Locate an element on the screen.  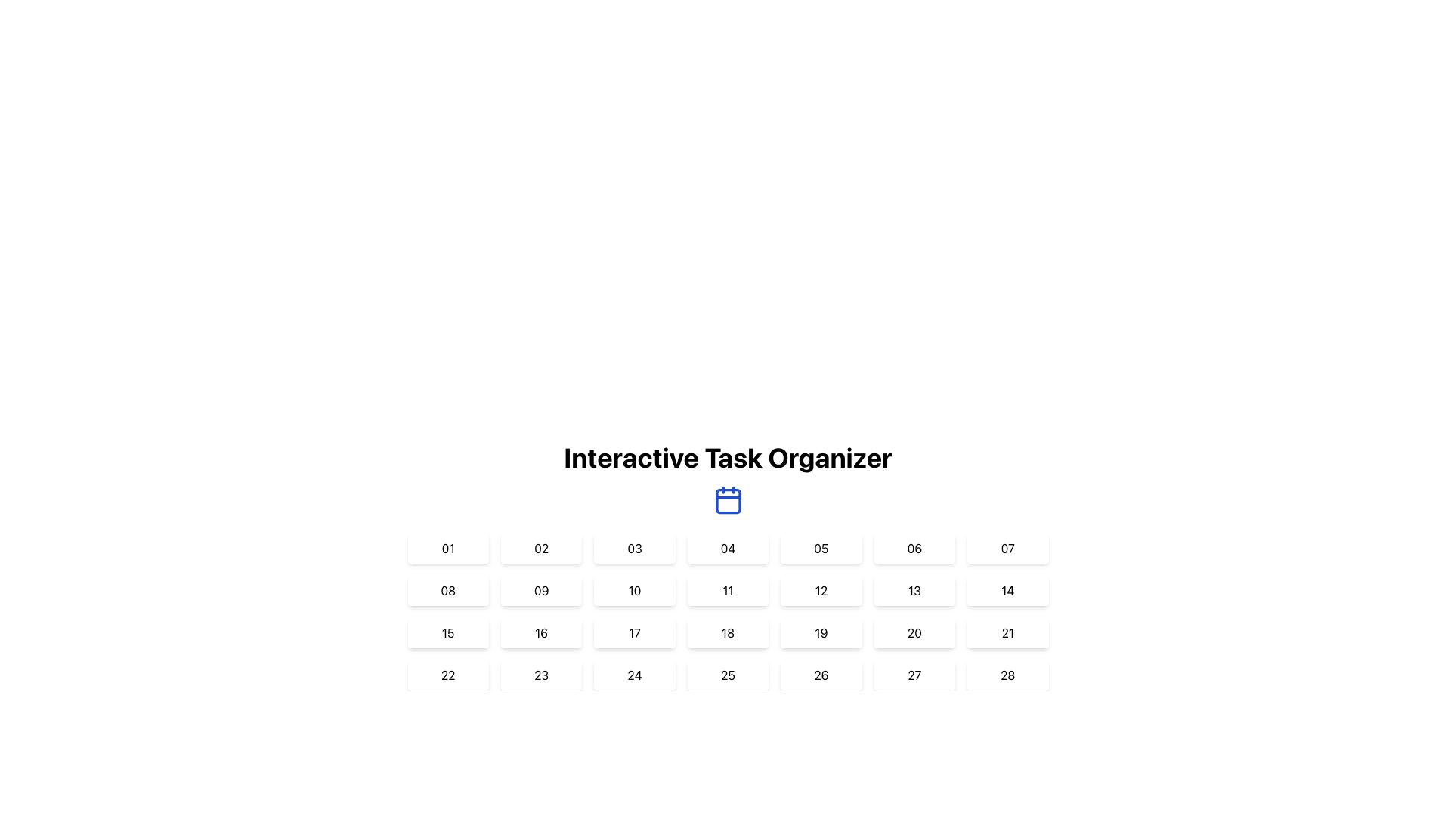
the interactive button labeled '02' is located at coordinates (541, 548).